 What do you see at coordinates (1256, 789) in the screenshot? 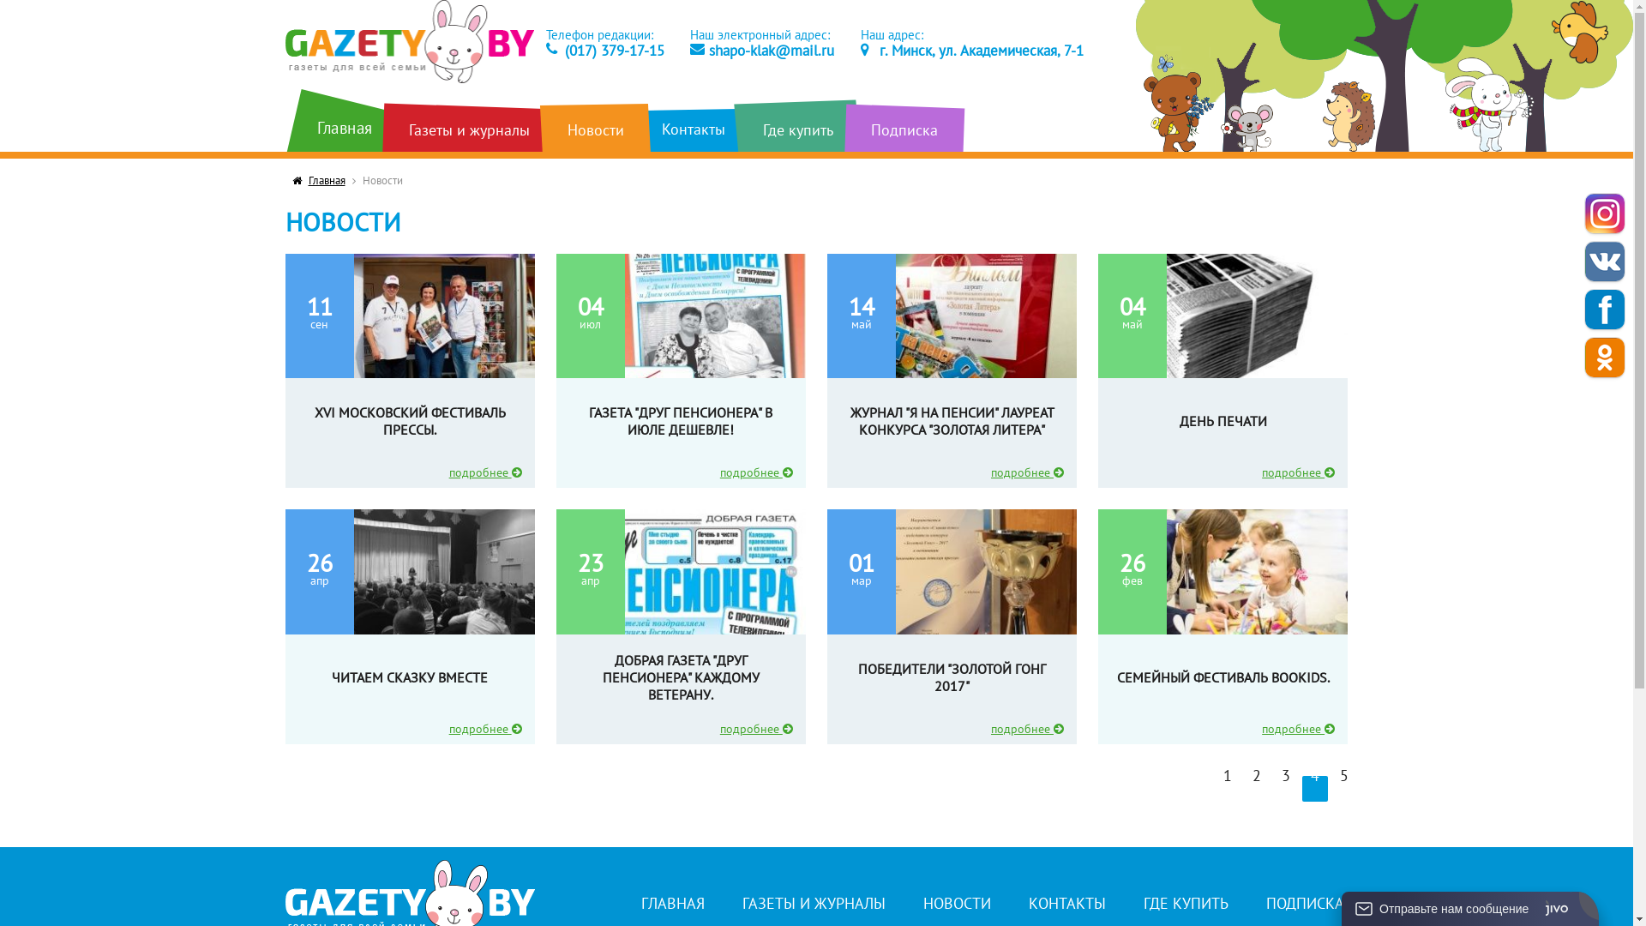
I see `'2'` at bounding box center [1256, 789].